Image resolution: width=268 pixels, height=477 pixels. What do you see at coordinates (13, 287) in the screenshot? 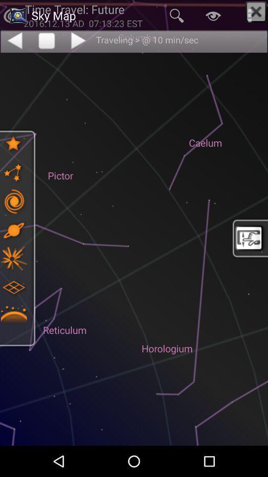
I see `the layers icon` at bounding box center [13, 287].